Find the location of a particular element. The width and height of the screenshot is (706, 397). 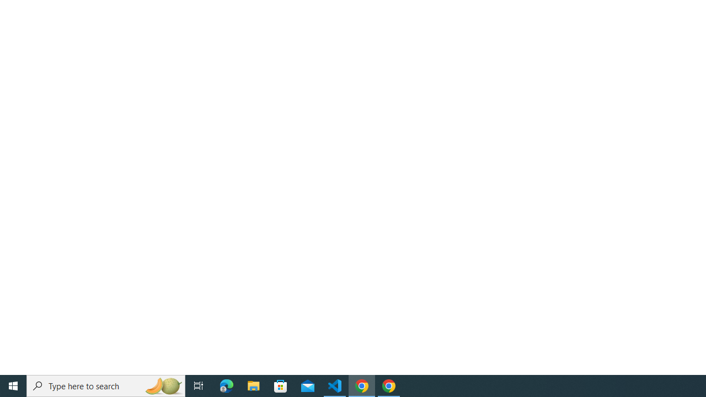

'Task View' is located at coordinates (198, 385).